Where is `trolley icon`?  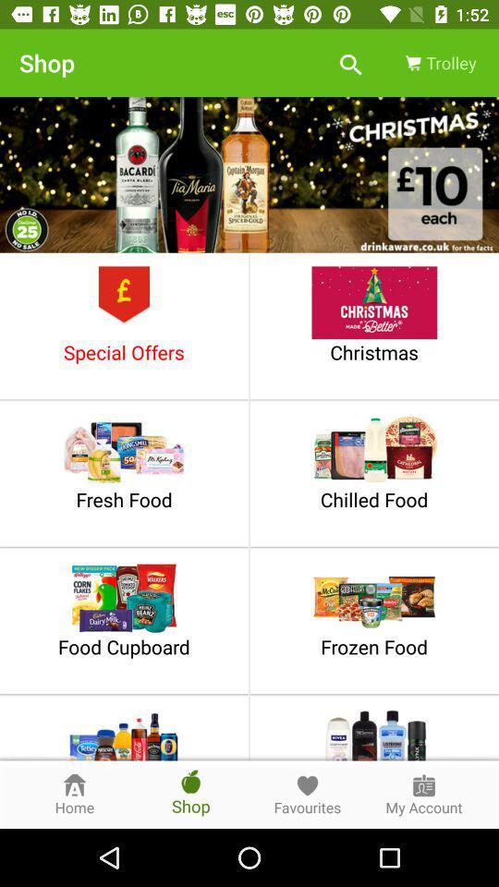
trolley icon is located at coordinates (438, 63).